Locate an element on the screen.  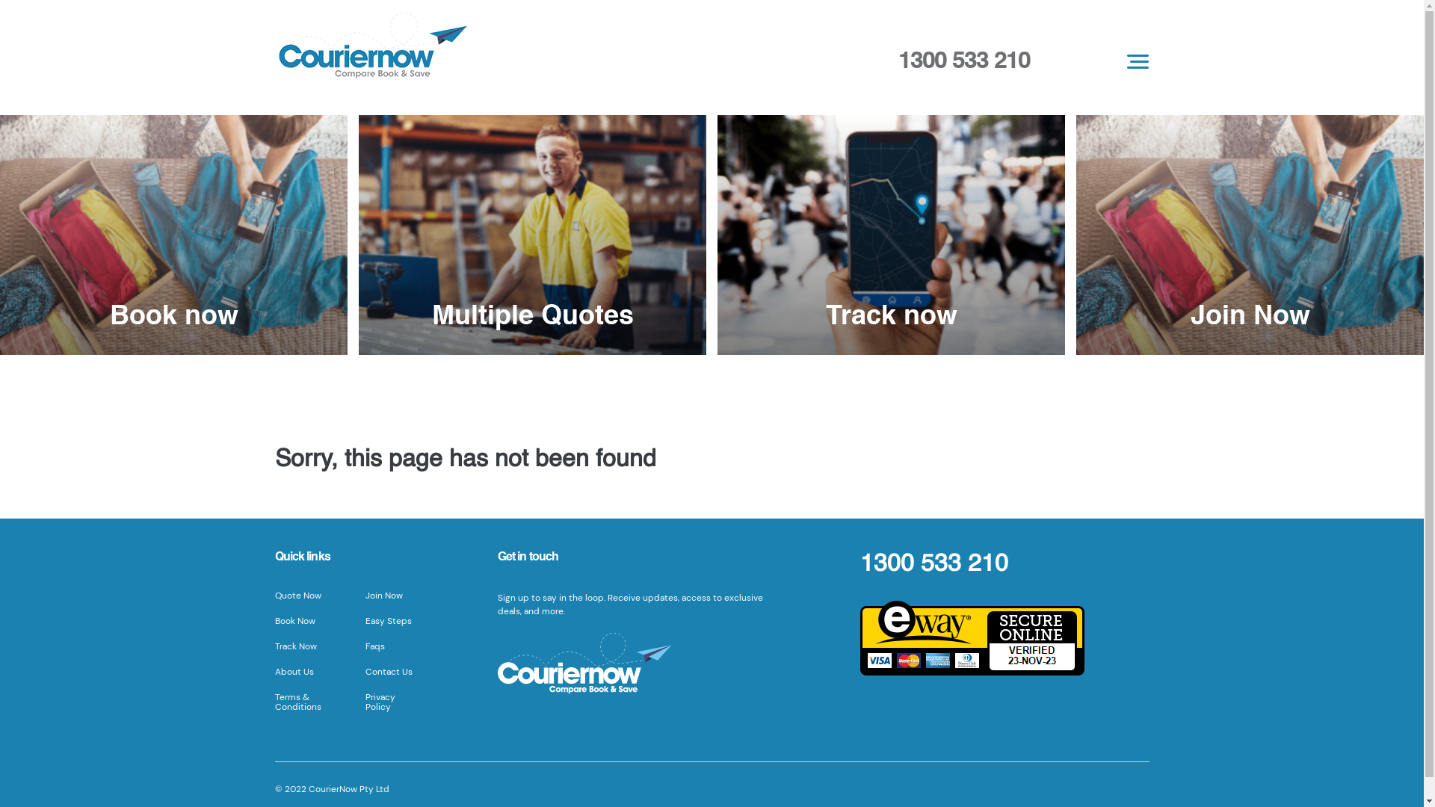
'Book Now' is located at coordinates (275, 620).